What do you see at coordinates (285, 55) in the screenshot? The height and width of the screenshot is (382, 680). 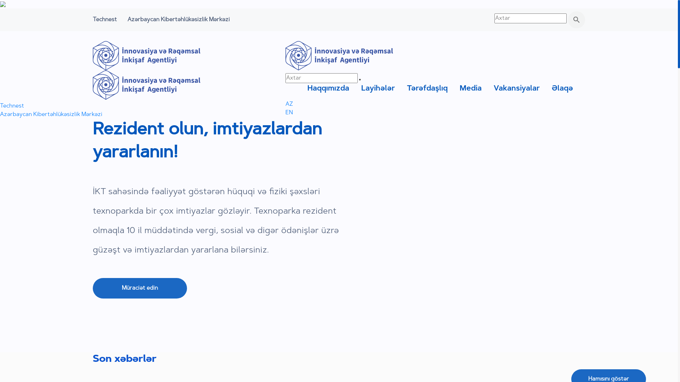 I see `'logo'` at bounding box center [285, 55].